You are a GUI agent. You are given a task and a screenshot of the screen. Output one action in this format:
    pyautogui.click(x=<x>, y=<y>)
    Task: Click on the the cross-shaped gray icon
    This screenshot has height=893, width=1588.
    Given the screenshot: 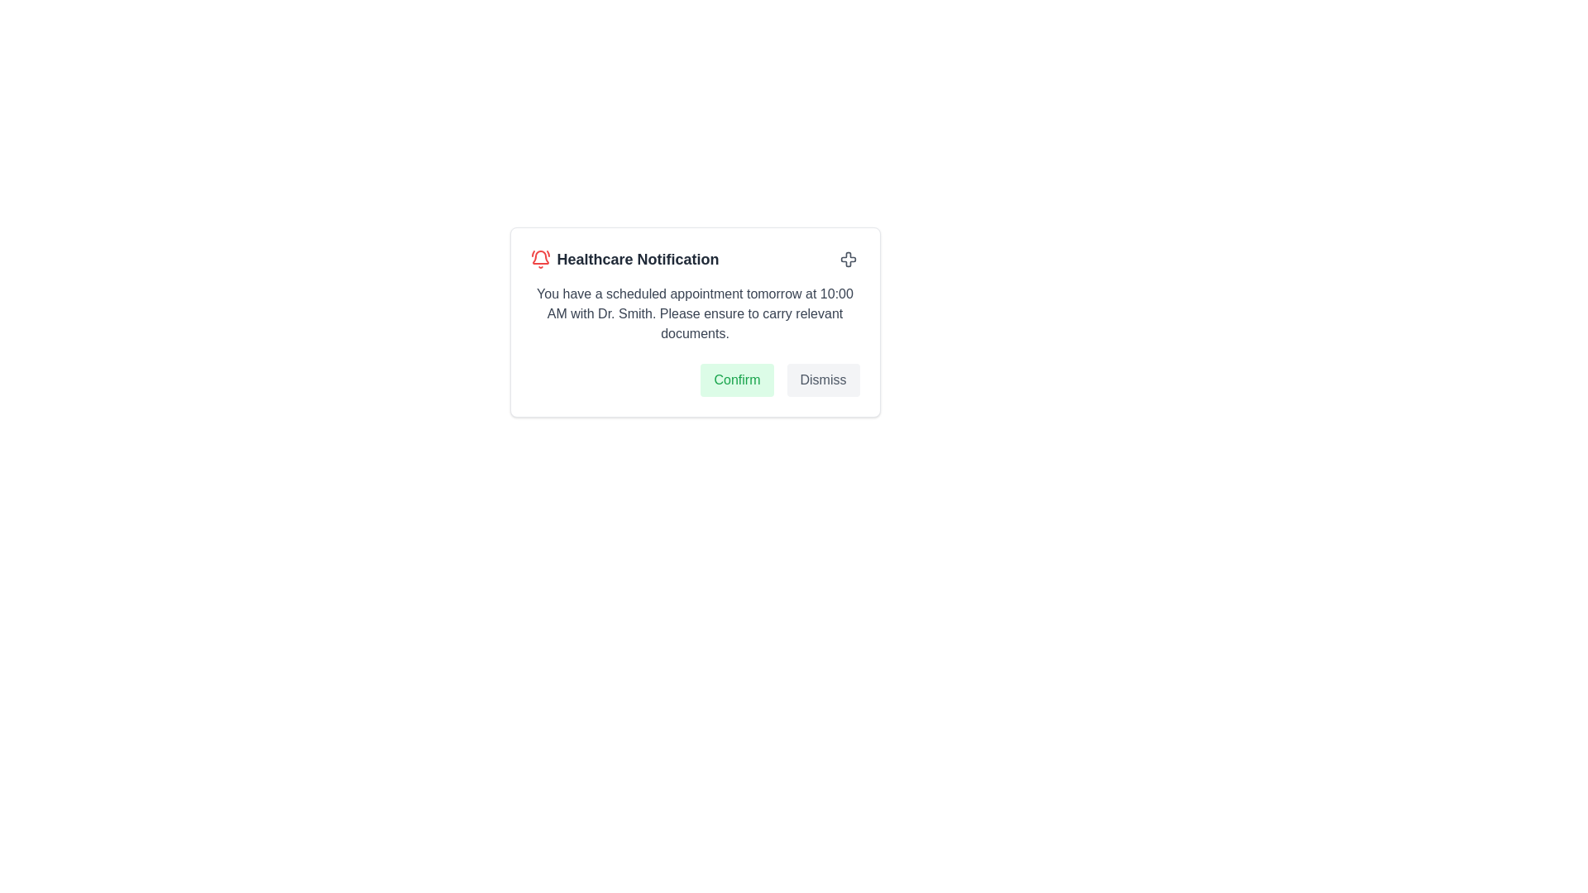 What is the action you would take?
    pyautogui.click(x=848, y=259)
    